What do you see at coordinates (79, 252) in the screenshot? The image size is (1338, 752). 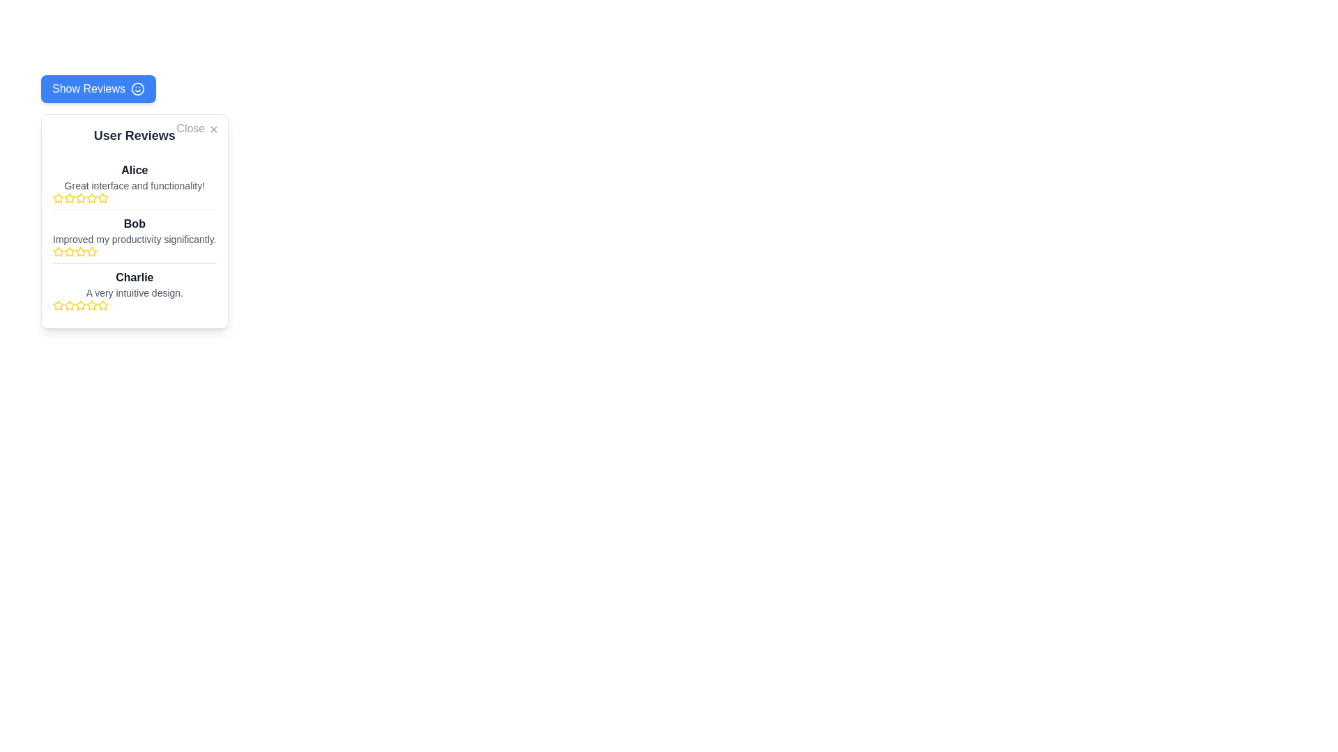 I see `the fourth yellow Rating Star Icon in the User Reviews section beneath the text 'Improved my productivity significantly.'` at bounding box center [79, 252].